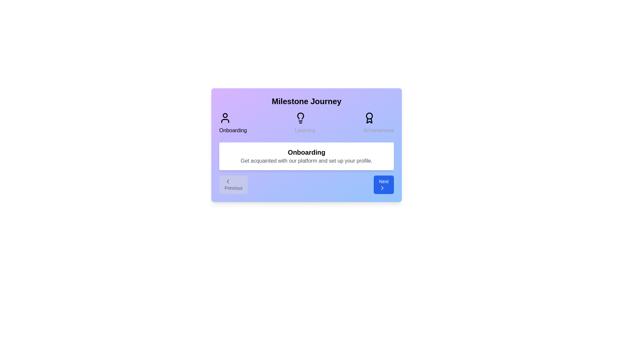  Describe the element at coordinates (384, 185) in the screenshot. I see `the 'Next' button to navigate to the next step` at that location.